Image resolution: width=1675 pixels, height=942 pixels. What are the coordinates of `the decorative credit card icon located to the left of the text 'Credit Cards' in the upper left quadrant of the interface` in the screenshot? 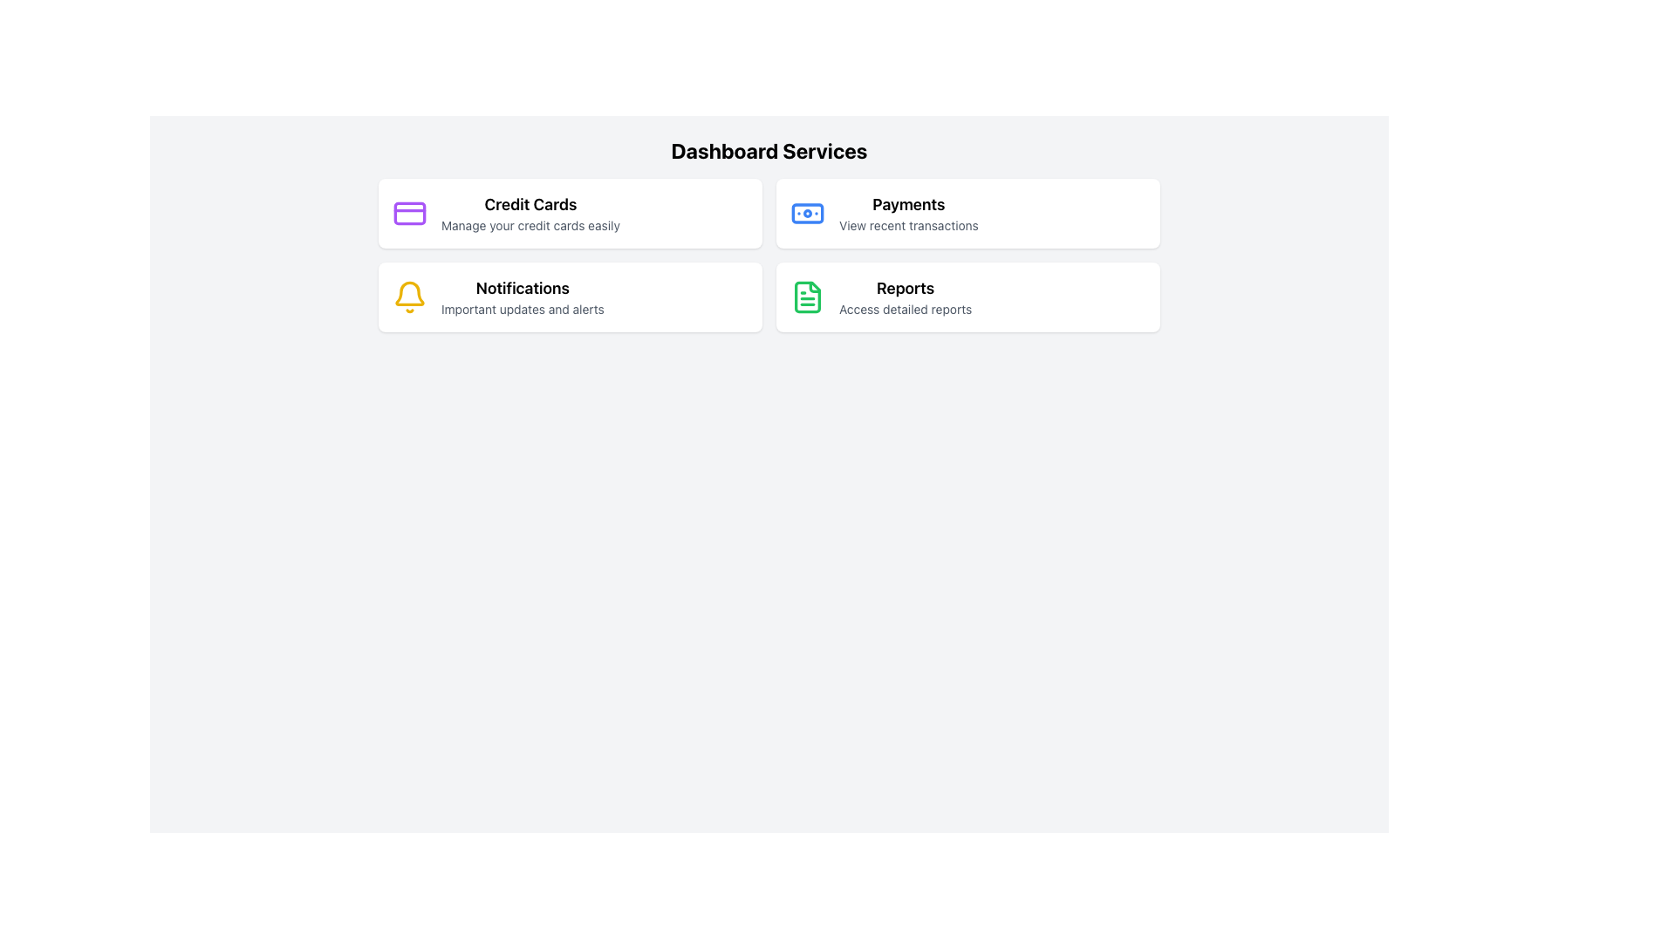 It's located at (409, 213).